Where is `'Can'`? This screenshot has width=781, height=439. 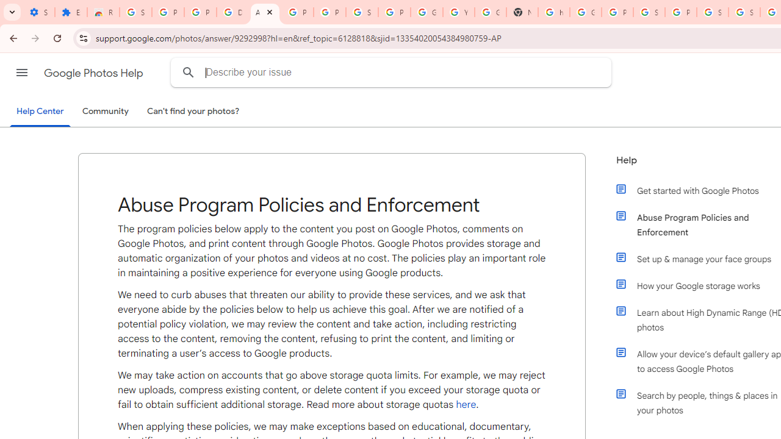
'Can' is located at coordinates (193, 112).